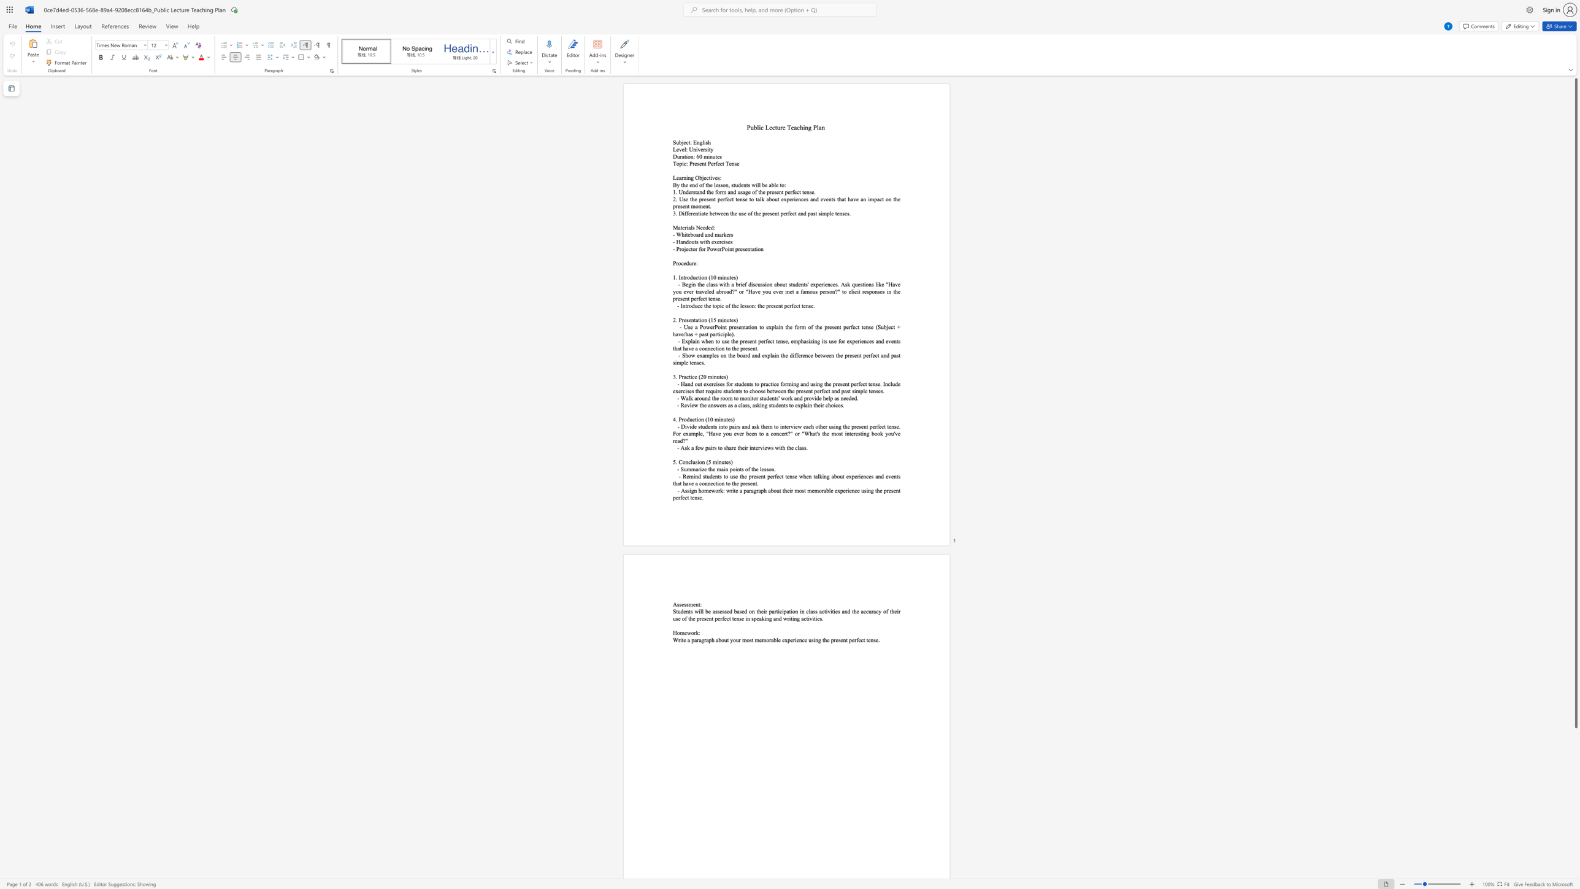 The image size is (1580, 889). I want to click on the subset text "ar" within the text "- Whiteboard and markers", so click(718, 234).